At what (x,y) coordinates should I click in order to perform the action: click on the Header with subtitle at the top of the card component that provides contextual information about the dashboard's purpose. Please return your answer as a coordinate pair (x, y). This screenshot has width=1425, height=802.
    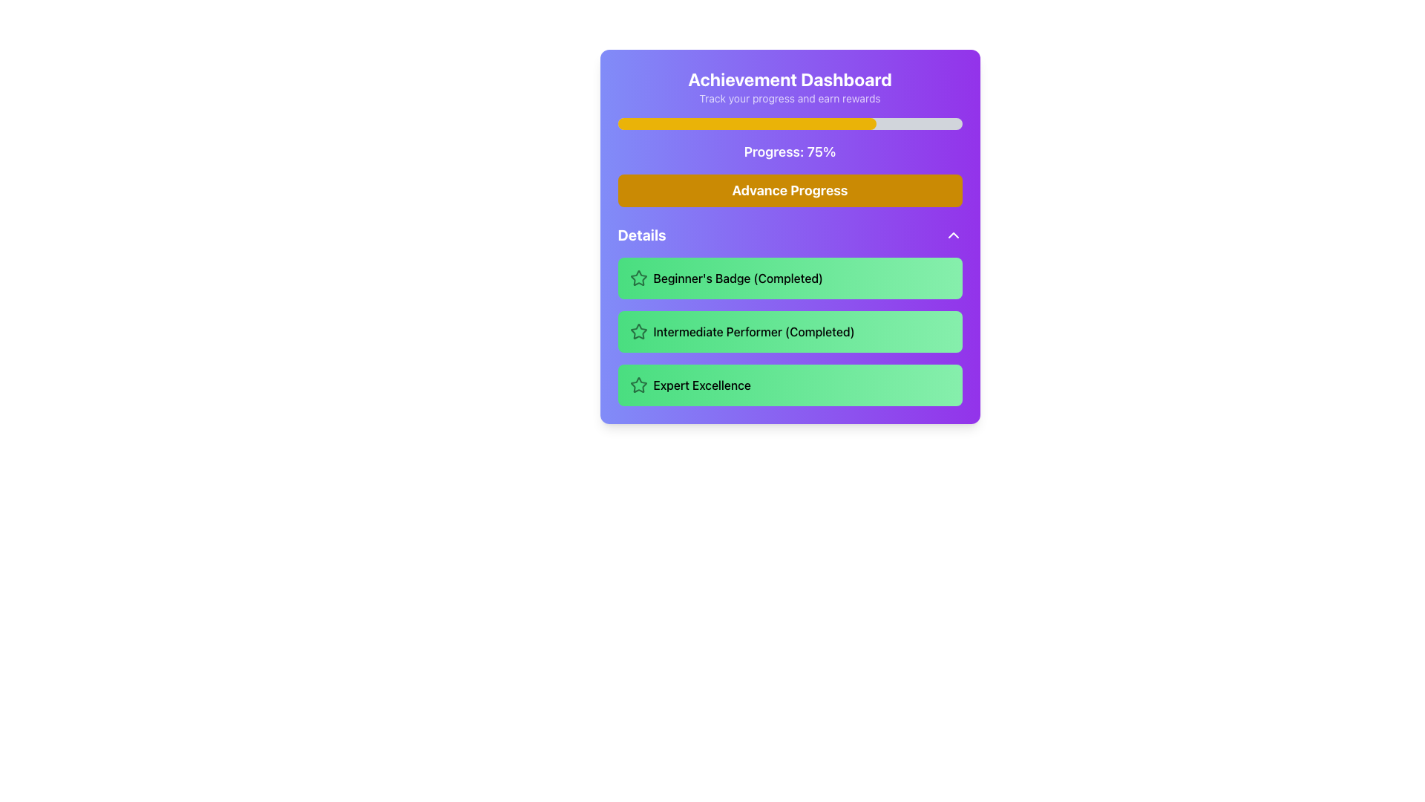
    Looking at the image, I should click on (789, 86).